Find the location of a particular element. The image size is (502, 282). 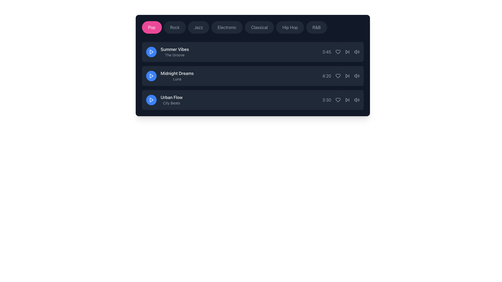

the text label displaying 'City Beats' in gray, smaller font size located under 'Urban Flow' is located at coordinates (172, 103).